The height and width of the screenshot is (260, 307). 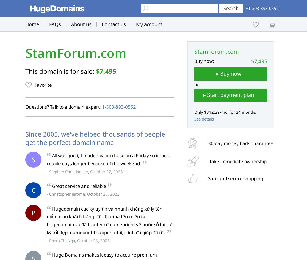 What do you see at coordinates (106, 71) in the screenshot?
I see `'$7,495'` at bounding box center [106, 71].